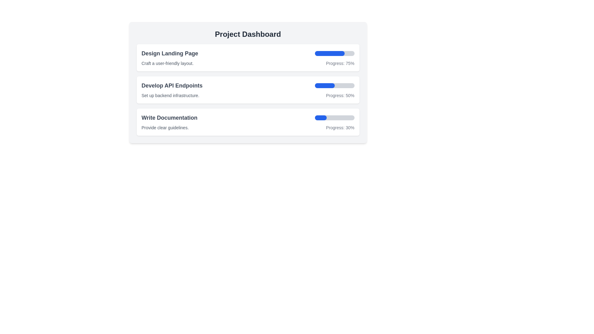 This screenshot has width=594, height=334. What do you see at coordinates (165, 127) in the screenshot?
I see `the text label 'Provide clear guidelines.' located below the title 'Write Documentation' in the third task box of the Project Dashboard` at bounding box center [165, 127].